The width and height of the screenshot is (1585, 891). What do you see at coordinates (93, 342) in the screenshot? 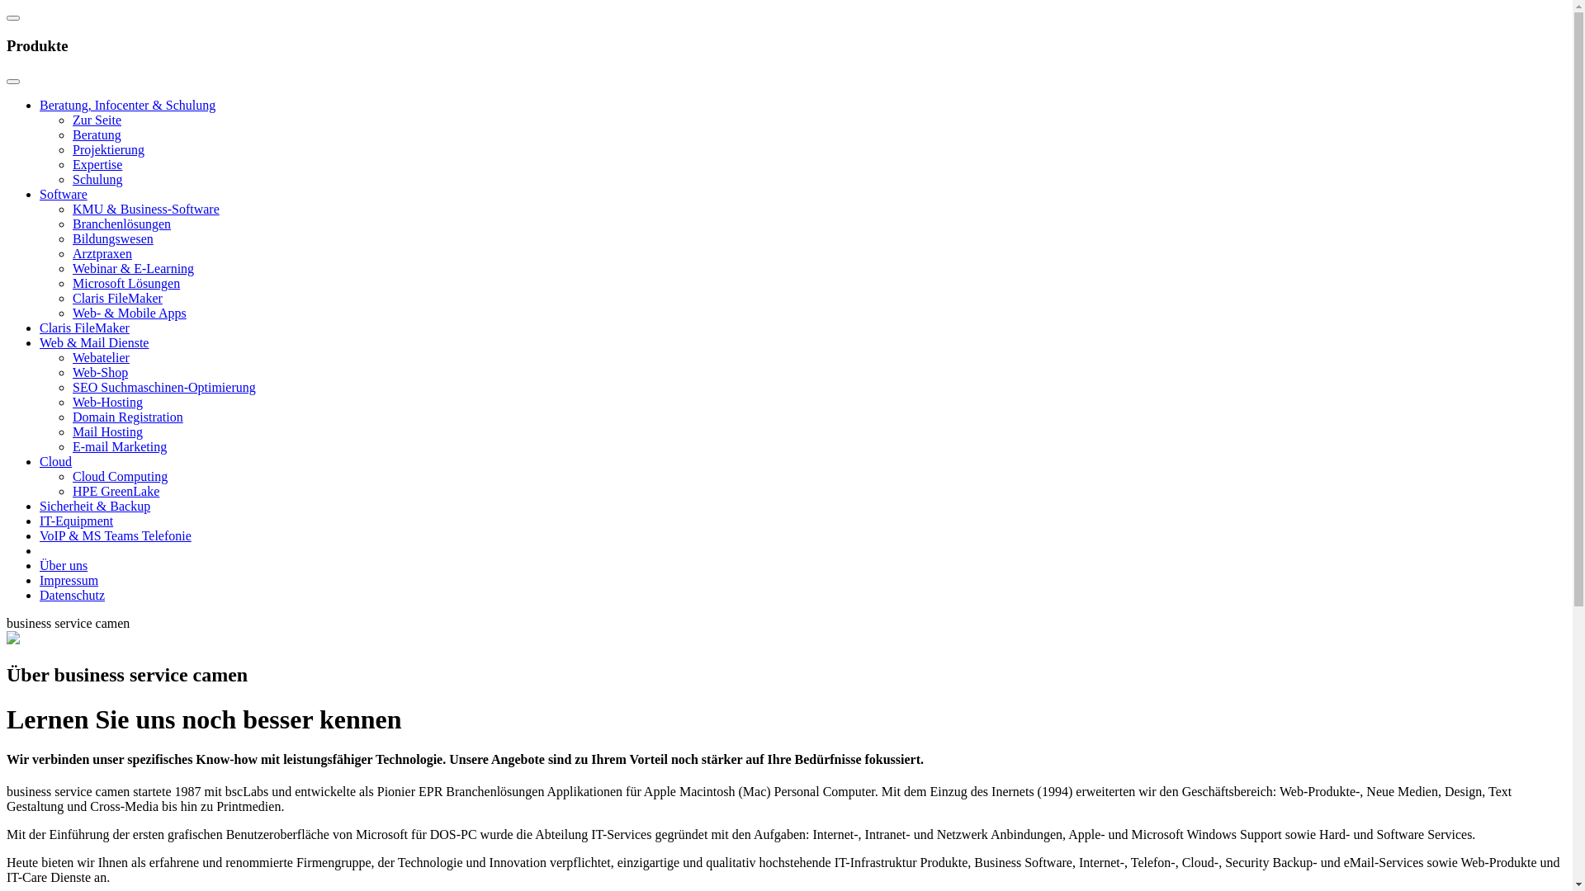
I see `'Web & Mail Dienste'` at bounding box center [93, 342].